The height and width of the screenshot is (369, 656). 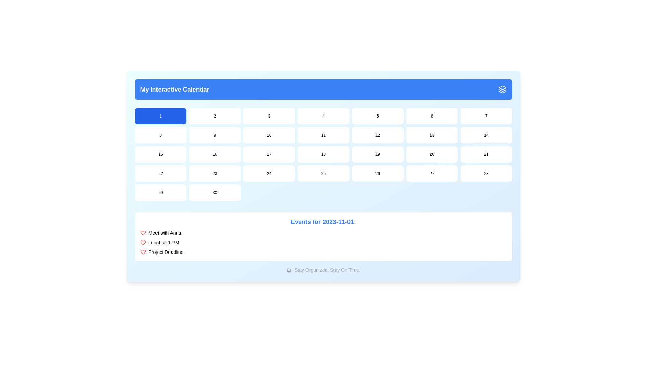 What do you see at coordinates (214, 173) in the screenshot?
I see `the button representing the date '23'` at bounding box center [214, 173].